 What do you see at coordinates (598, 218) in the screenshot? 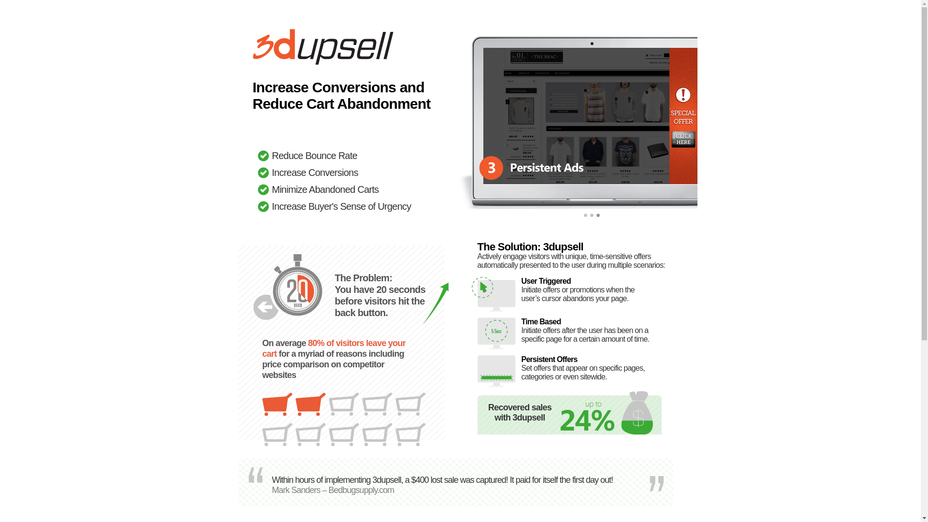
I see `'3'` at bounding box center [598, 218].